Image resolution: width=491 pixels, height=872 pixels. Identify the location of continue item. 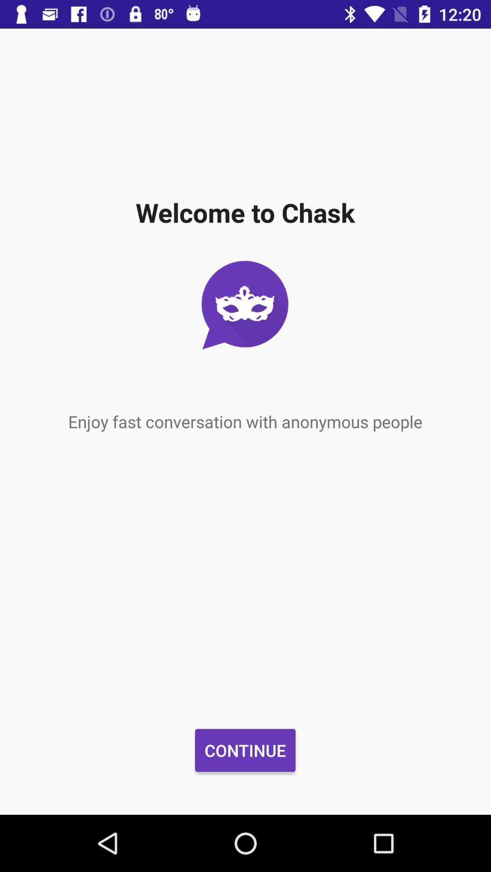
(245, 750).